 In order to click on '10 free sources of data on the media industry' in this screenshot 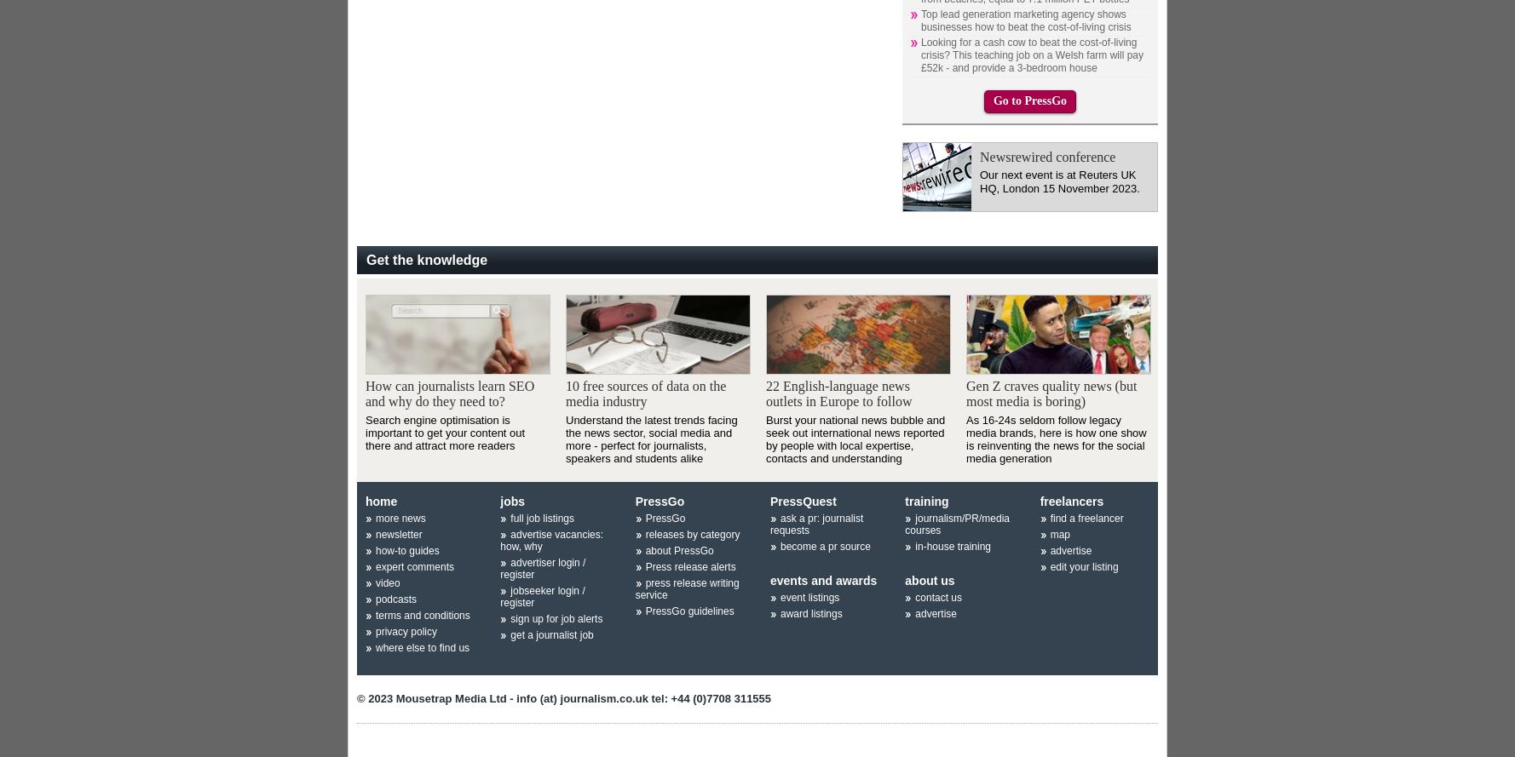, I will do `click(644, 392)`.